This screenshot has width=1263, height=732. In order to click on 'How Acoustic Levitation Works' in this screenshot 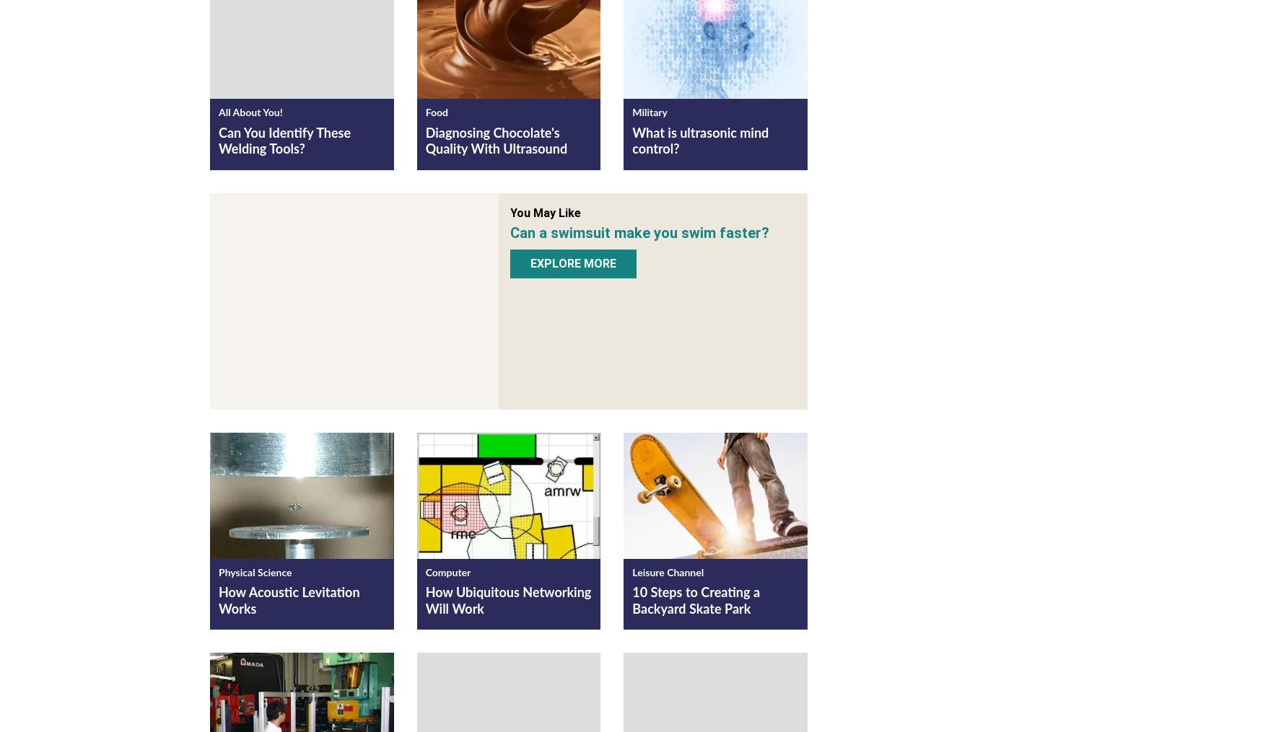, I will do `click(288, 601)`.